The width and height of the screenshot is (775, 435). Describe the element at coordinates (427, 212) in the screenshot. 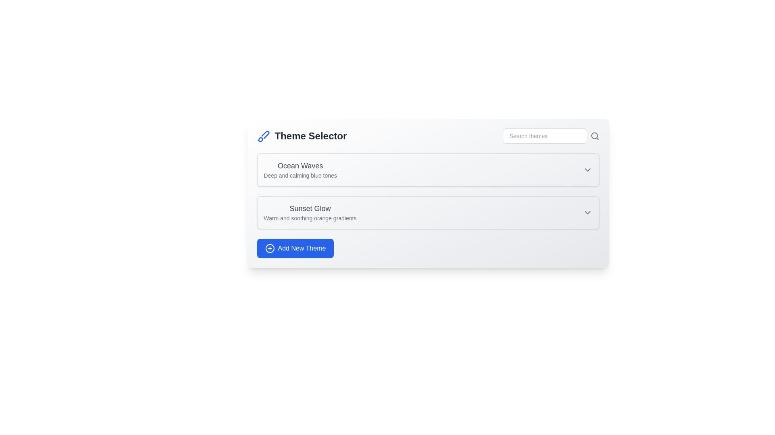

I see `the interactive list item titled 'Sunset Glow'` at that location.